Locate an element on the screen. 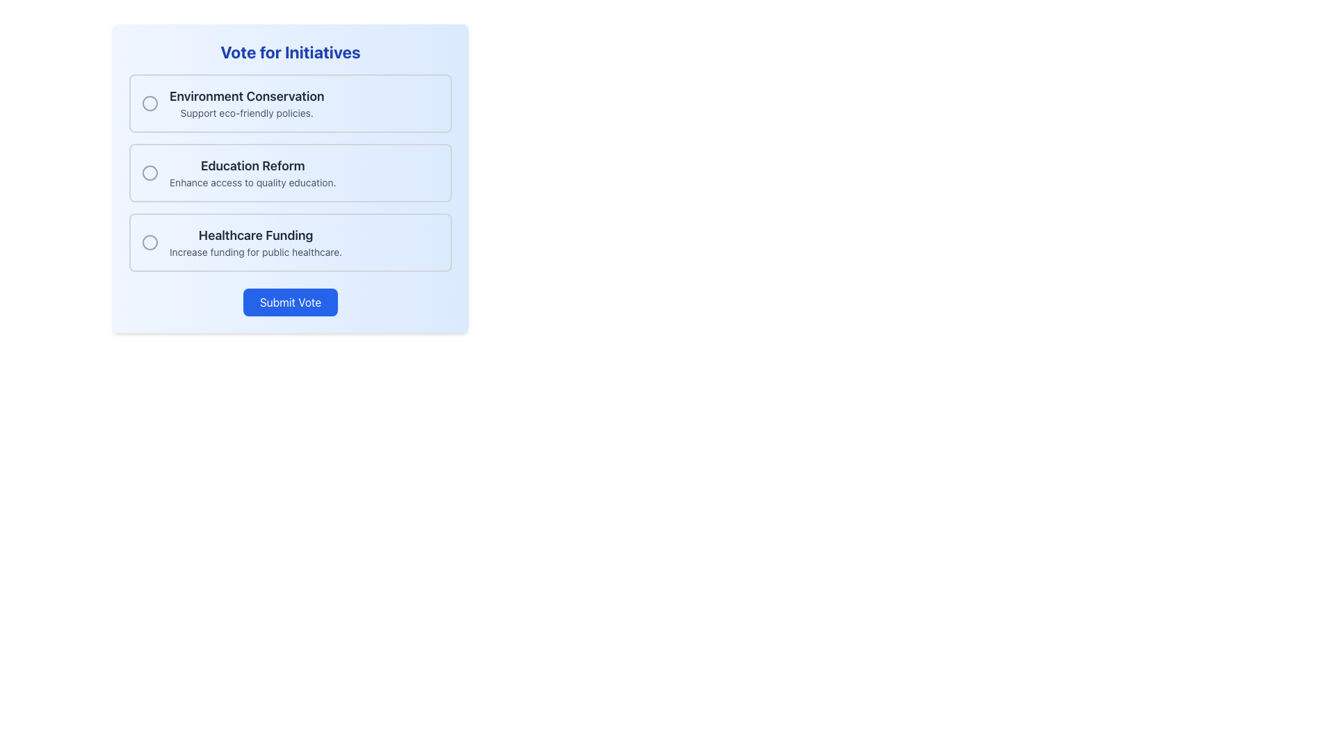  the text element that displays 'Healthcare Funding' and its subtitle 'Increase funding for public healthcare', which is located between 'Education Reform' and the 'Submit Vote' button is located at coordinates (256, 241).